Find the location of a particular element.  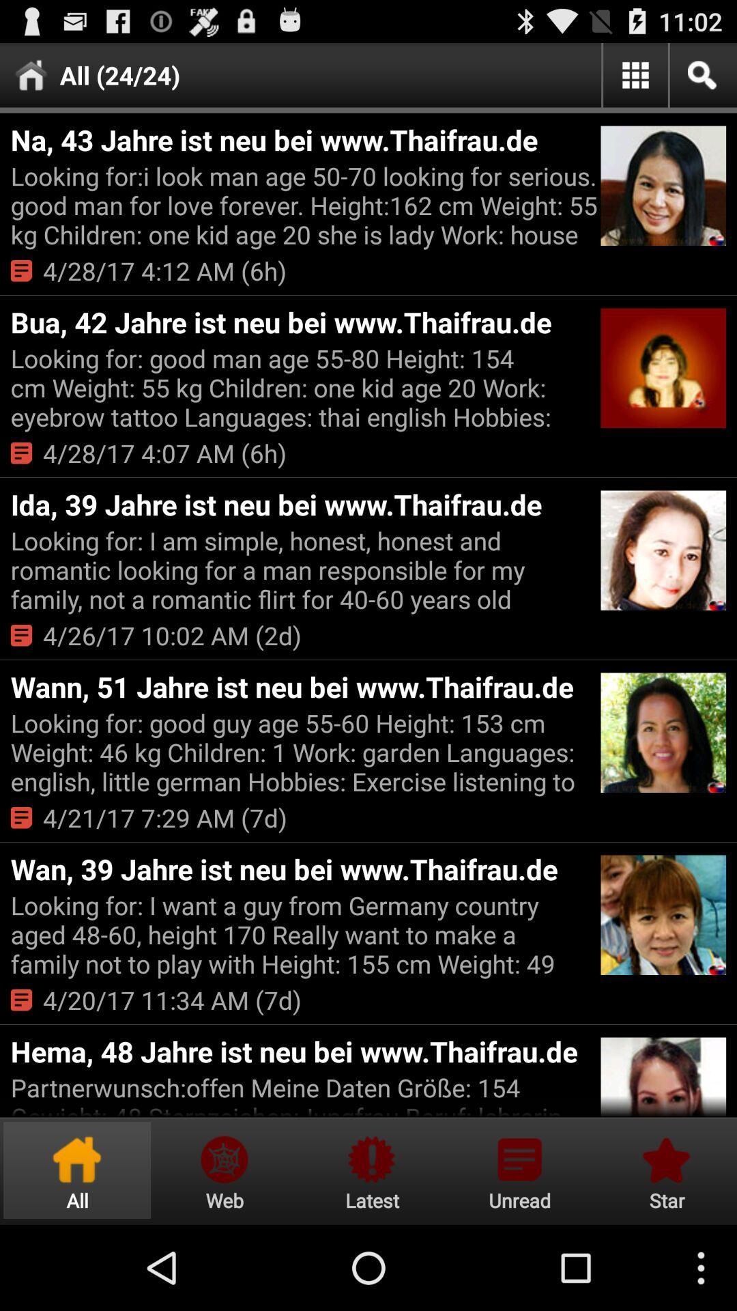

a star rating button is located at coordinates (664, 1170).